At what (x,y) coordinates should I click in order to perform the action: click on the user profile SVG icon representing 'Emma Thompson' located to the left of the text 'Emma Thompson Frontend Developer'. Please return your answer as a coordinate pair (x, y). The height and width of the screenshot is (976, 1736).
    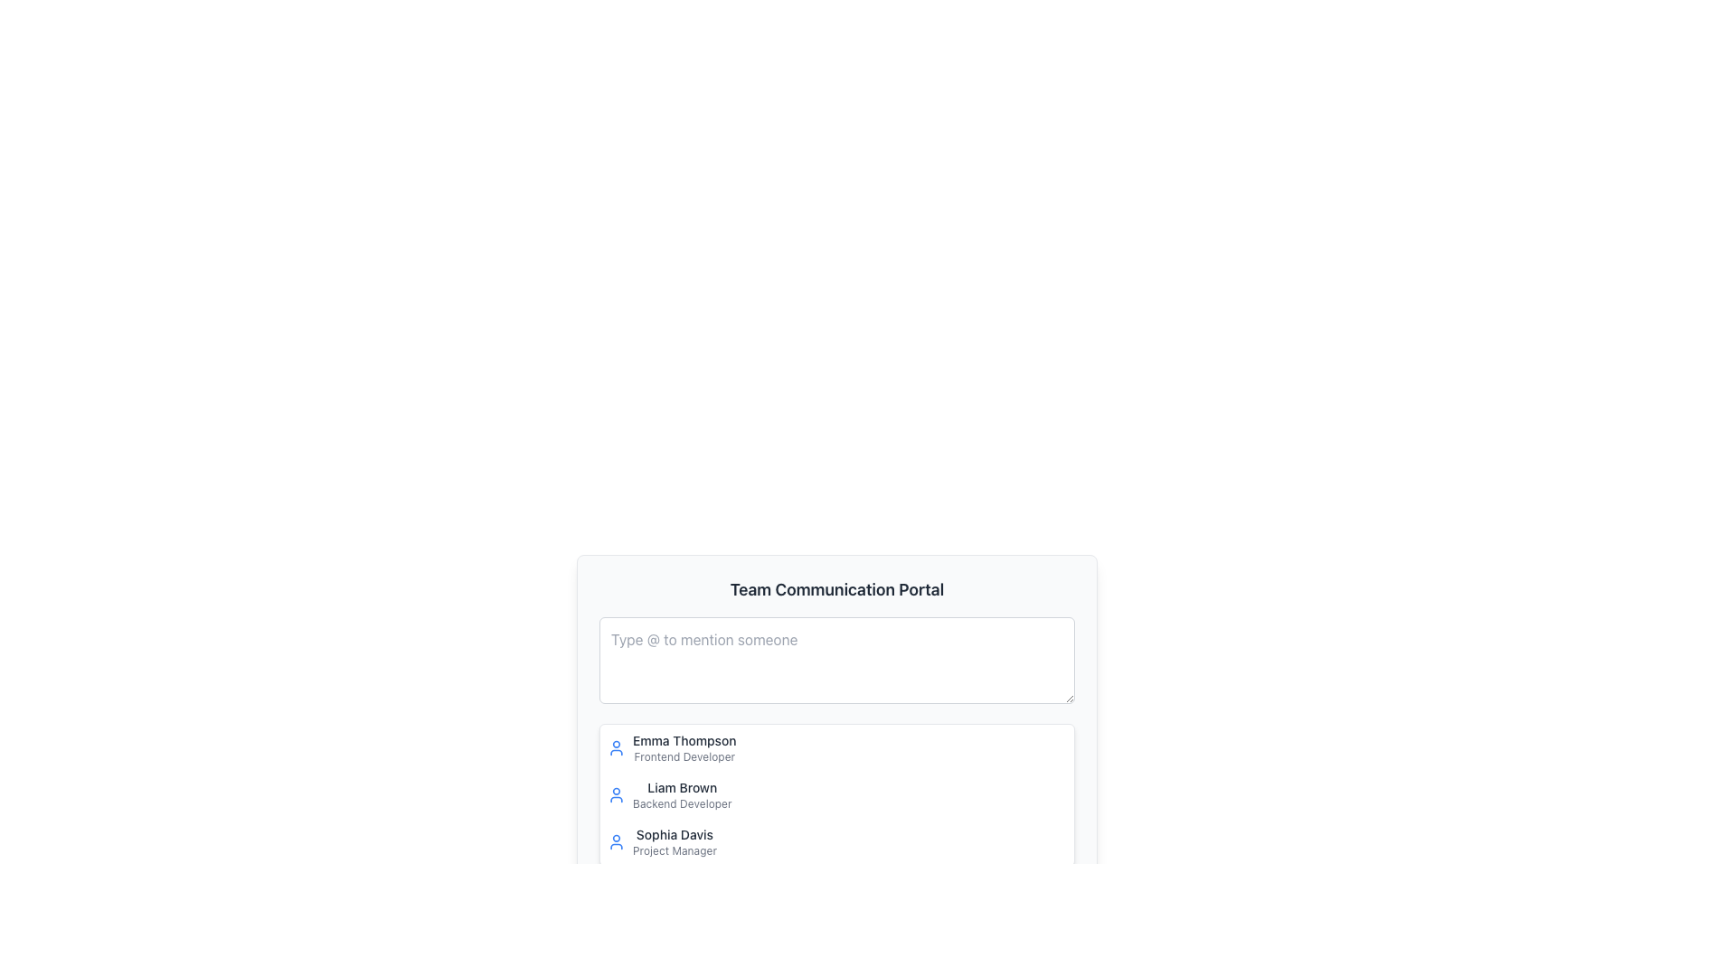
    Looking at the image, I should click on (616, 748).